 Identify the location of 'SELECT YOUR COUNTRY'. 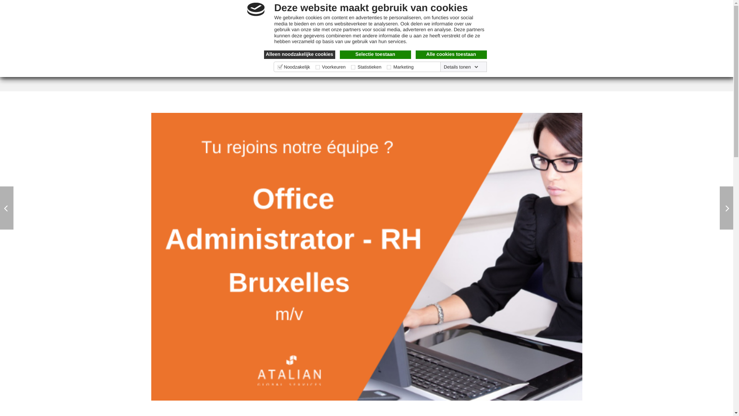
(151, 11).